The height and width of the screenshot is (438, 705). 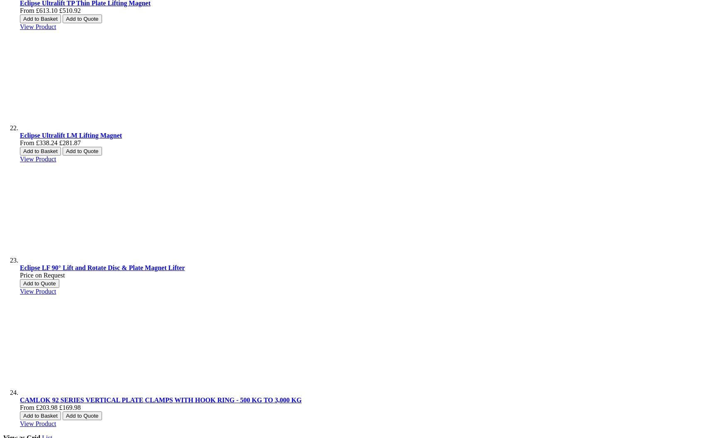 I want to click on 'CAMLOK 92 SERIES VERTICAL PLATE CLAMPS WITH HOOK RING - 500 KG TO 3,000 KG', so click(x=160, y=400).